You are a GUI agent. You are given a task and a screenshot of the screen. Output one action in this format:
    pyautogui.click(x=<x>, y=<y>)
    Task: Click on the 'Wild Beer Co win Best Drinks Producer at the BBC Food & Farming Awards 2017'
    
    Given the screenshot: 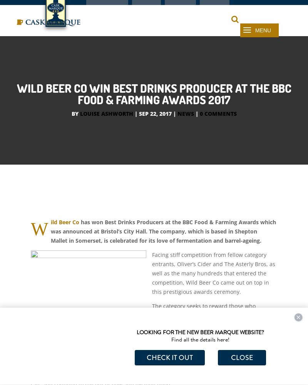 What is the action you would take?
    pyautogui.click(x=153, y=110)
    